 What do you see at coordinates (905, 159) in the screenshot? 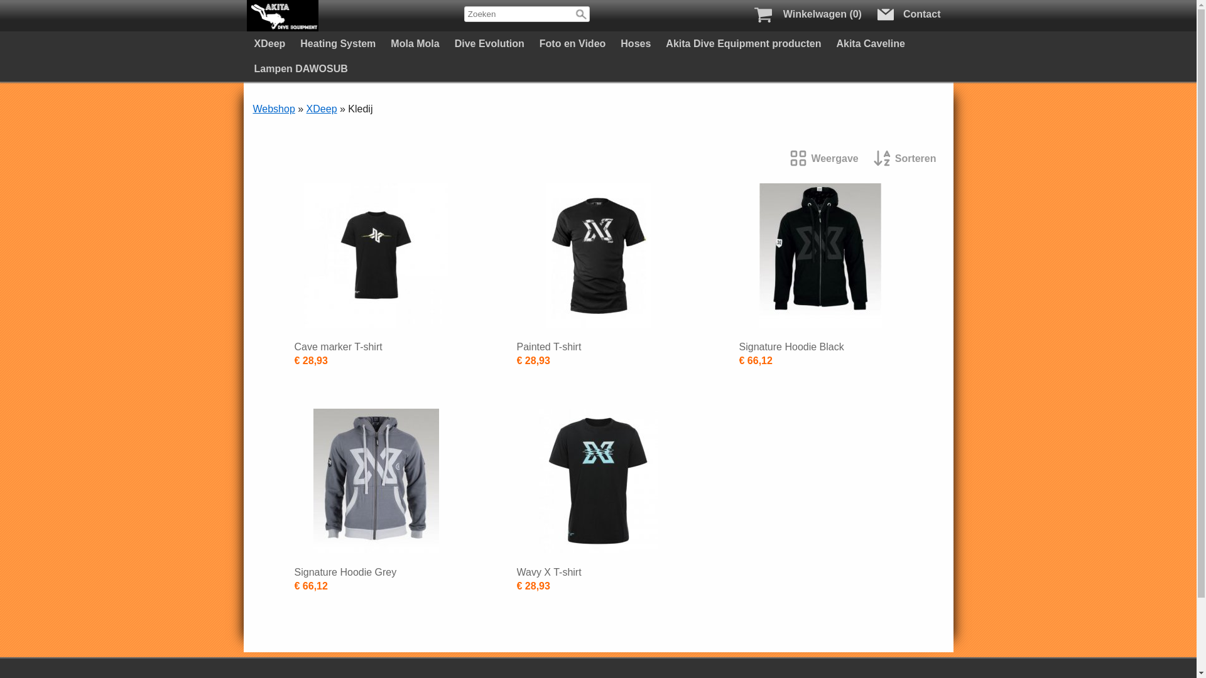
I see `'Sorteren'` at bounding box center [905, 159].